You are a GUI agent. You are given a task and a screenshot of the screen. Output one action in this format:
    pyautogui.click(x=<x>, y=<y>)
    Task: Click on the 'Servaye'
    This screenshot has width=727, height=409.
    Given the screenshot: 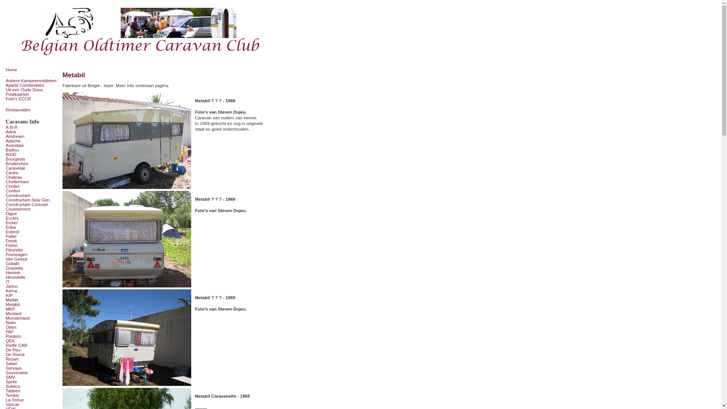 What is the action you would take?
    pyautogui.click(x=32, y=368)
    